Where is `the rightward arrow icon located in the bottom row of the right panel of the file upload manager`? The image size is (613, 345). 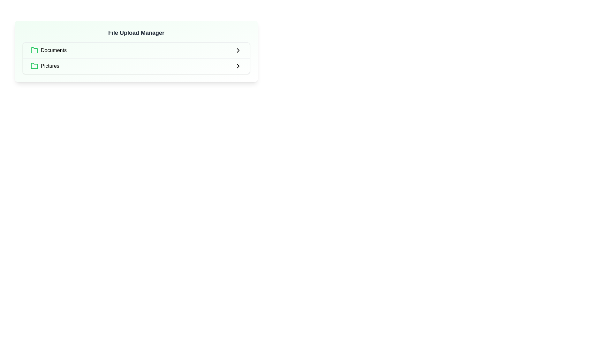 the rightward arrow icon located in the bottom row of the right panel of the file upload manager is located at coordinates (238, 66).